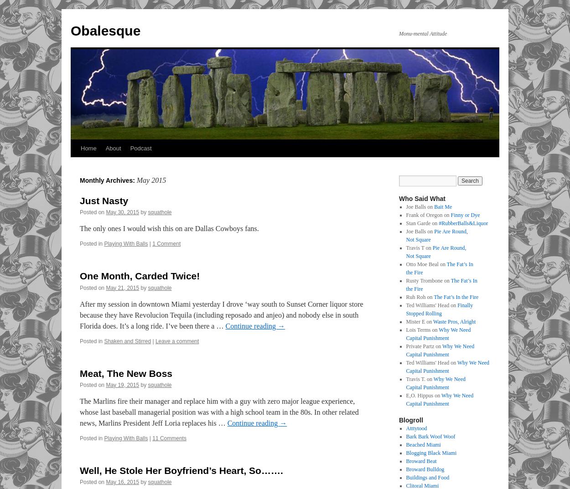 Image resolution: width=570 pixels, height=489 pixels. What do you see at coordinates (169, 228) in the screenshot?
I see `'The only ones I would wish this on are Dallas Cowboys fans.'` at bounding box center [169, 228].